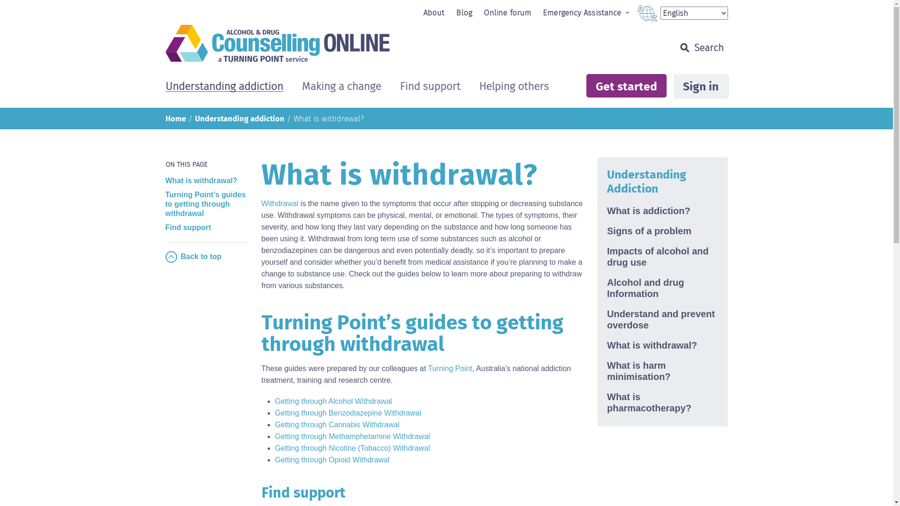 The width and height of the screenshot is (900, 506). I want to click on 'Getting through Methamphetamine Withdrawal', so click(352, 436).